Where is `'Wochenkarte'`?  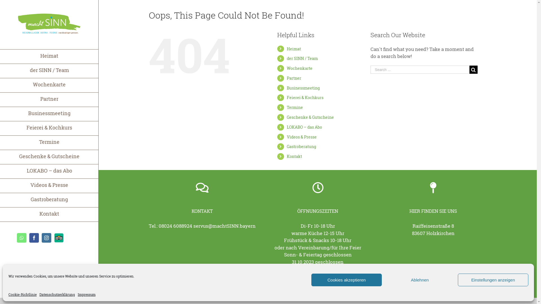
'Wochenkarte' is located at coordinates (49, 85).